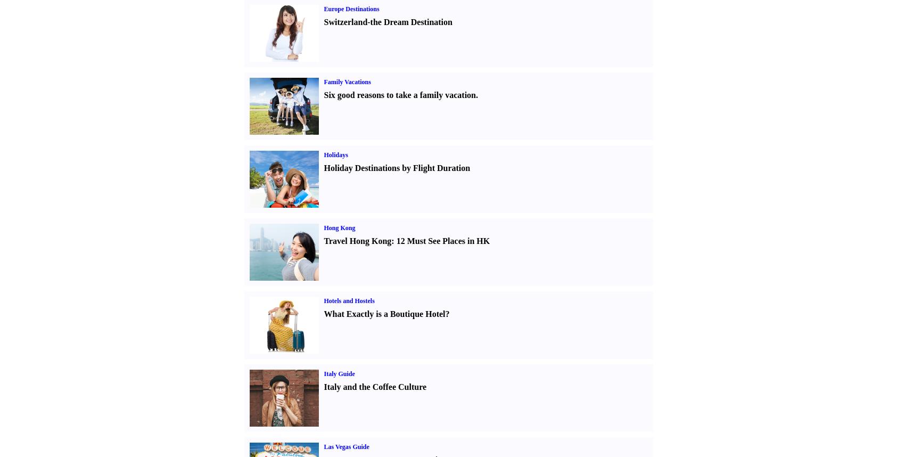 This screenshot has width=905, height=457. I want to click on 'Hotels and Hostels', so click(349, 300).